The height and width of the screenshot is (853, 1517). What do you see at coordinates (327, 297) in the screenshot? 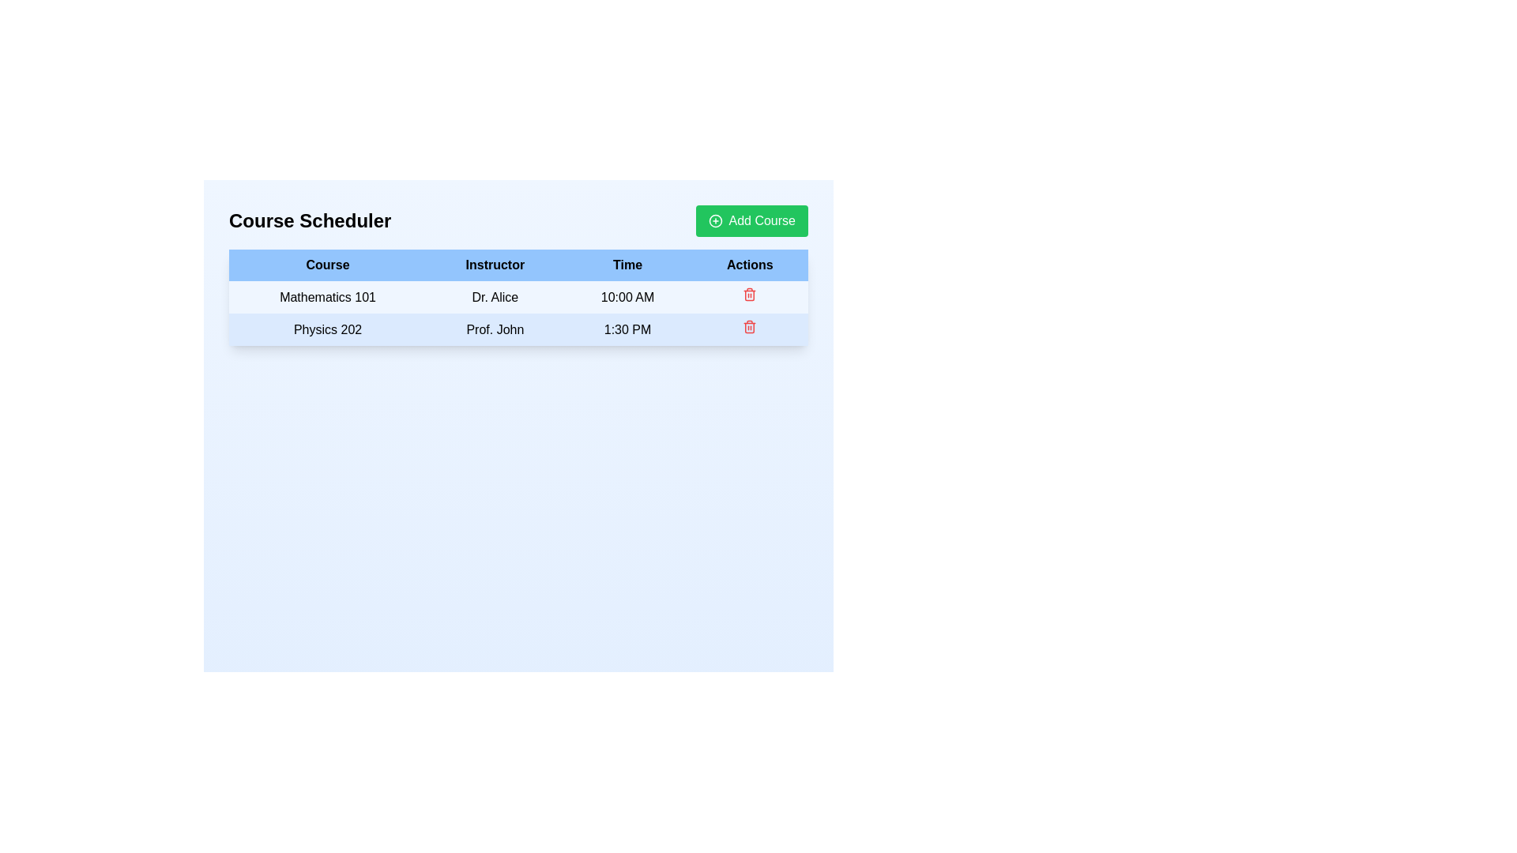
I see `the text component displaying 'Mathematics 101' in the 'Course' column of the Course Scheduler table` at bounding box center [327, 297].